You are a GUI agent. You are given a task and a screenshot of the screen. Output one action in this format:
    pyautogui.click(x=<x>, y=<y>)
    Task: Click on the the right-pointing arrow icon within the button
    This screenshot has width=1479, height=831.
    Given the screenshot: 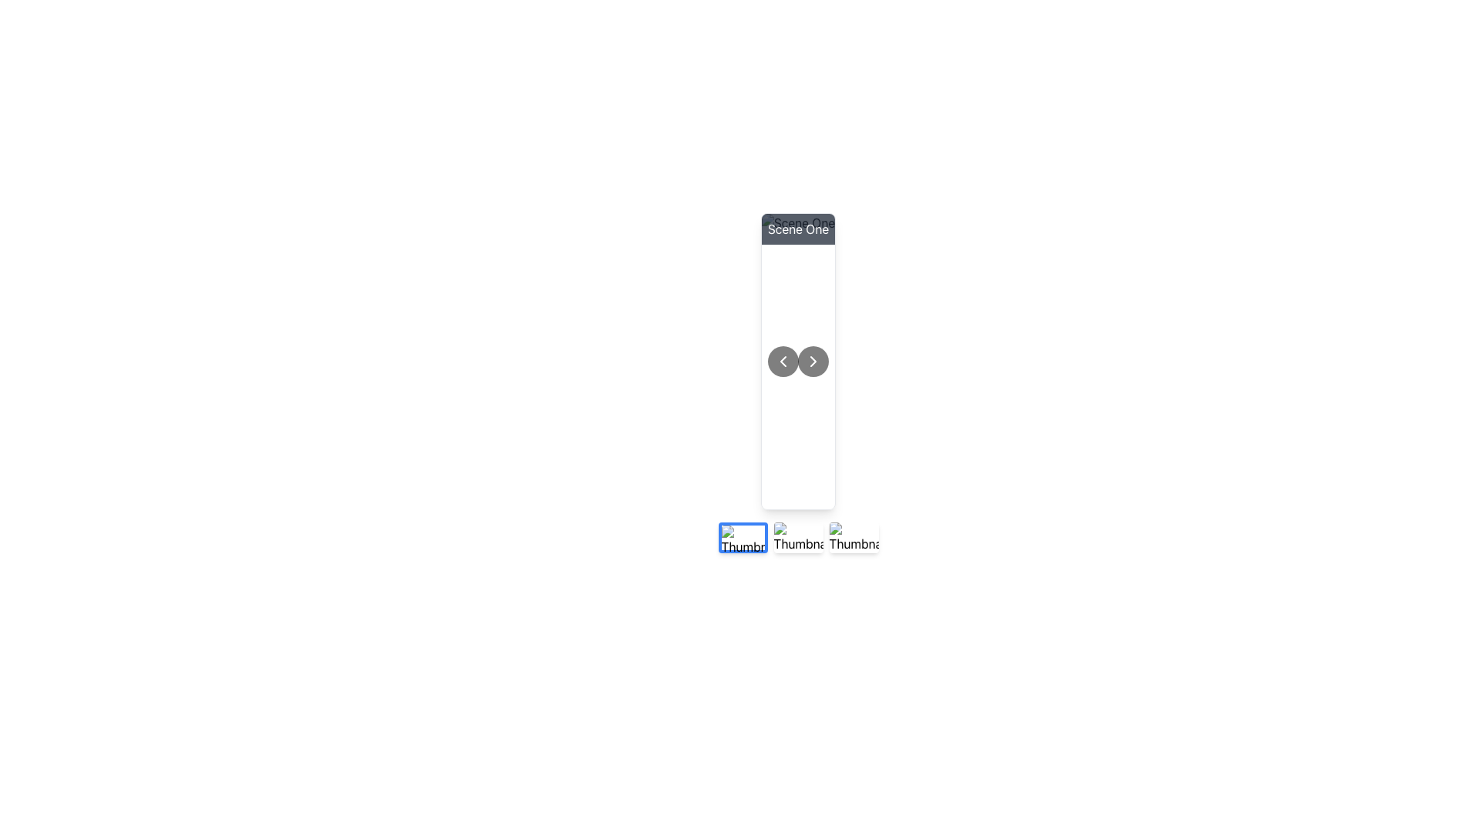 What is the action you would take?
    pyautogui.click(x=813, y=362)
    